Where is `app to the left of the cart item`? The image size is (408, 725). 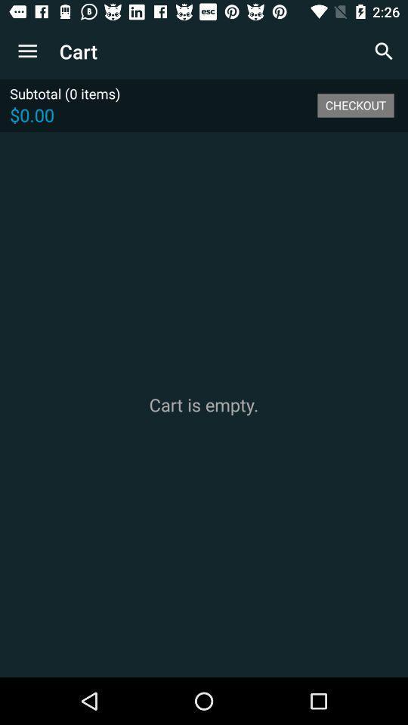 app to the left of the cart item is located at coordinates (27, 51).